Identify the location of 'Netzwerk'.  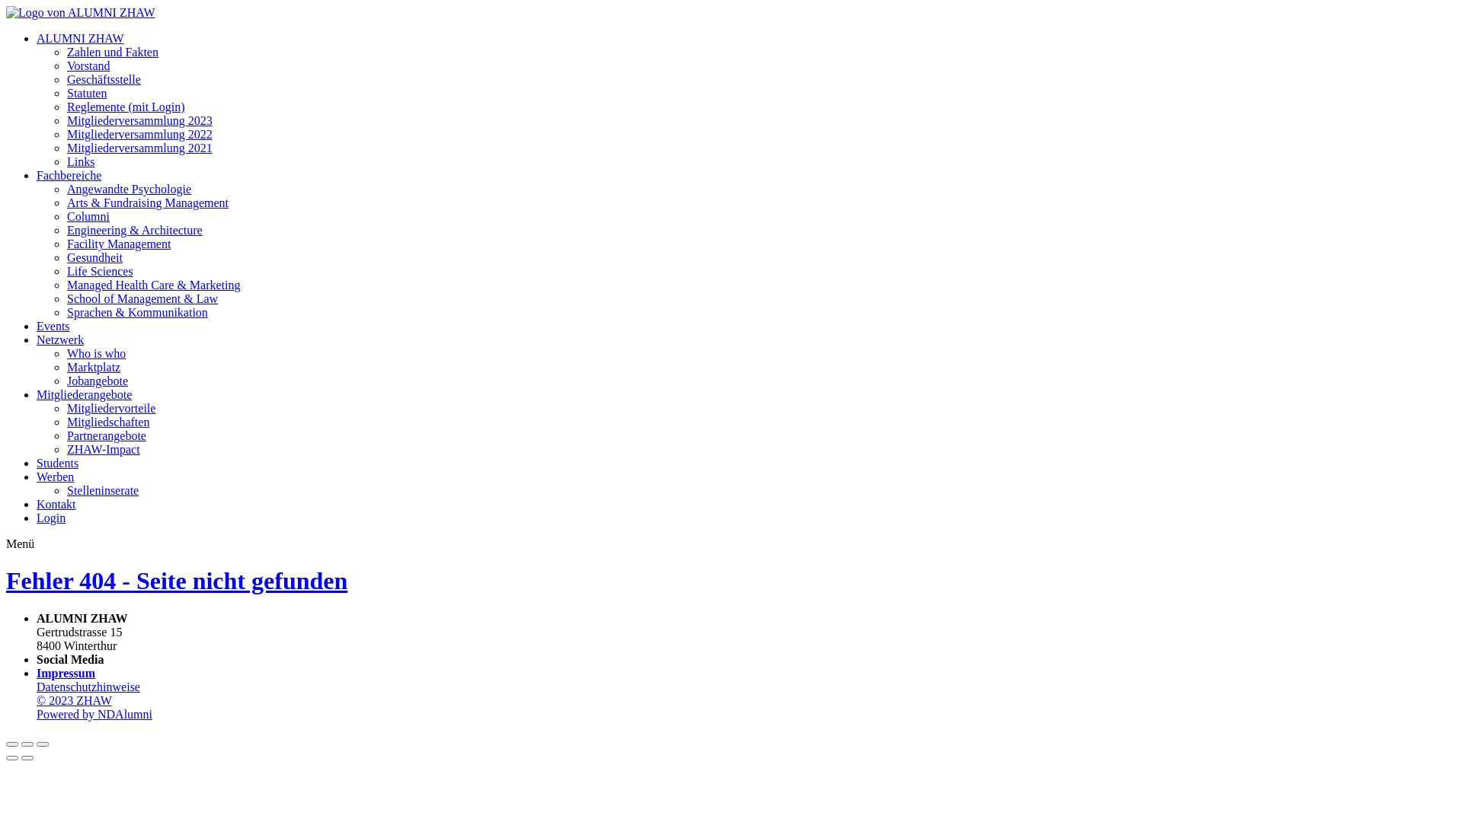
(37, 339).